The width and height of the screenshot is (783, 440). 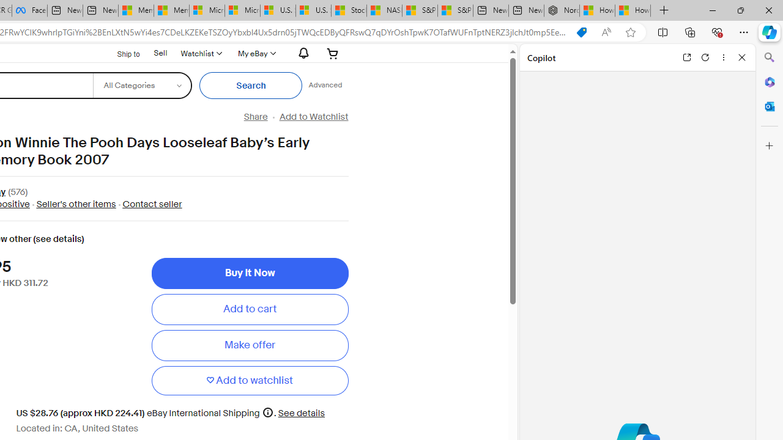 I want to click on 'Make offer', so click(x=249, y=345).